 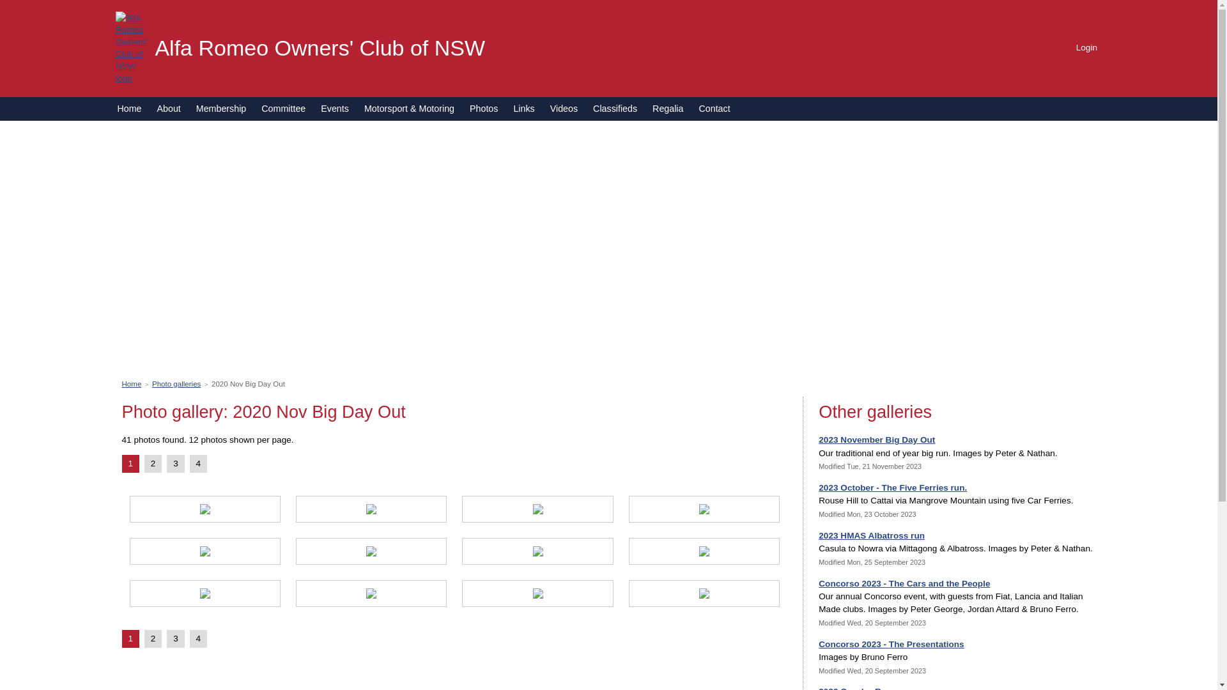 What do you see at coordinates (409, 107) in the screenshot?
I see `'Motorsport & Motoring'` at bounding box center [409, 107].